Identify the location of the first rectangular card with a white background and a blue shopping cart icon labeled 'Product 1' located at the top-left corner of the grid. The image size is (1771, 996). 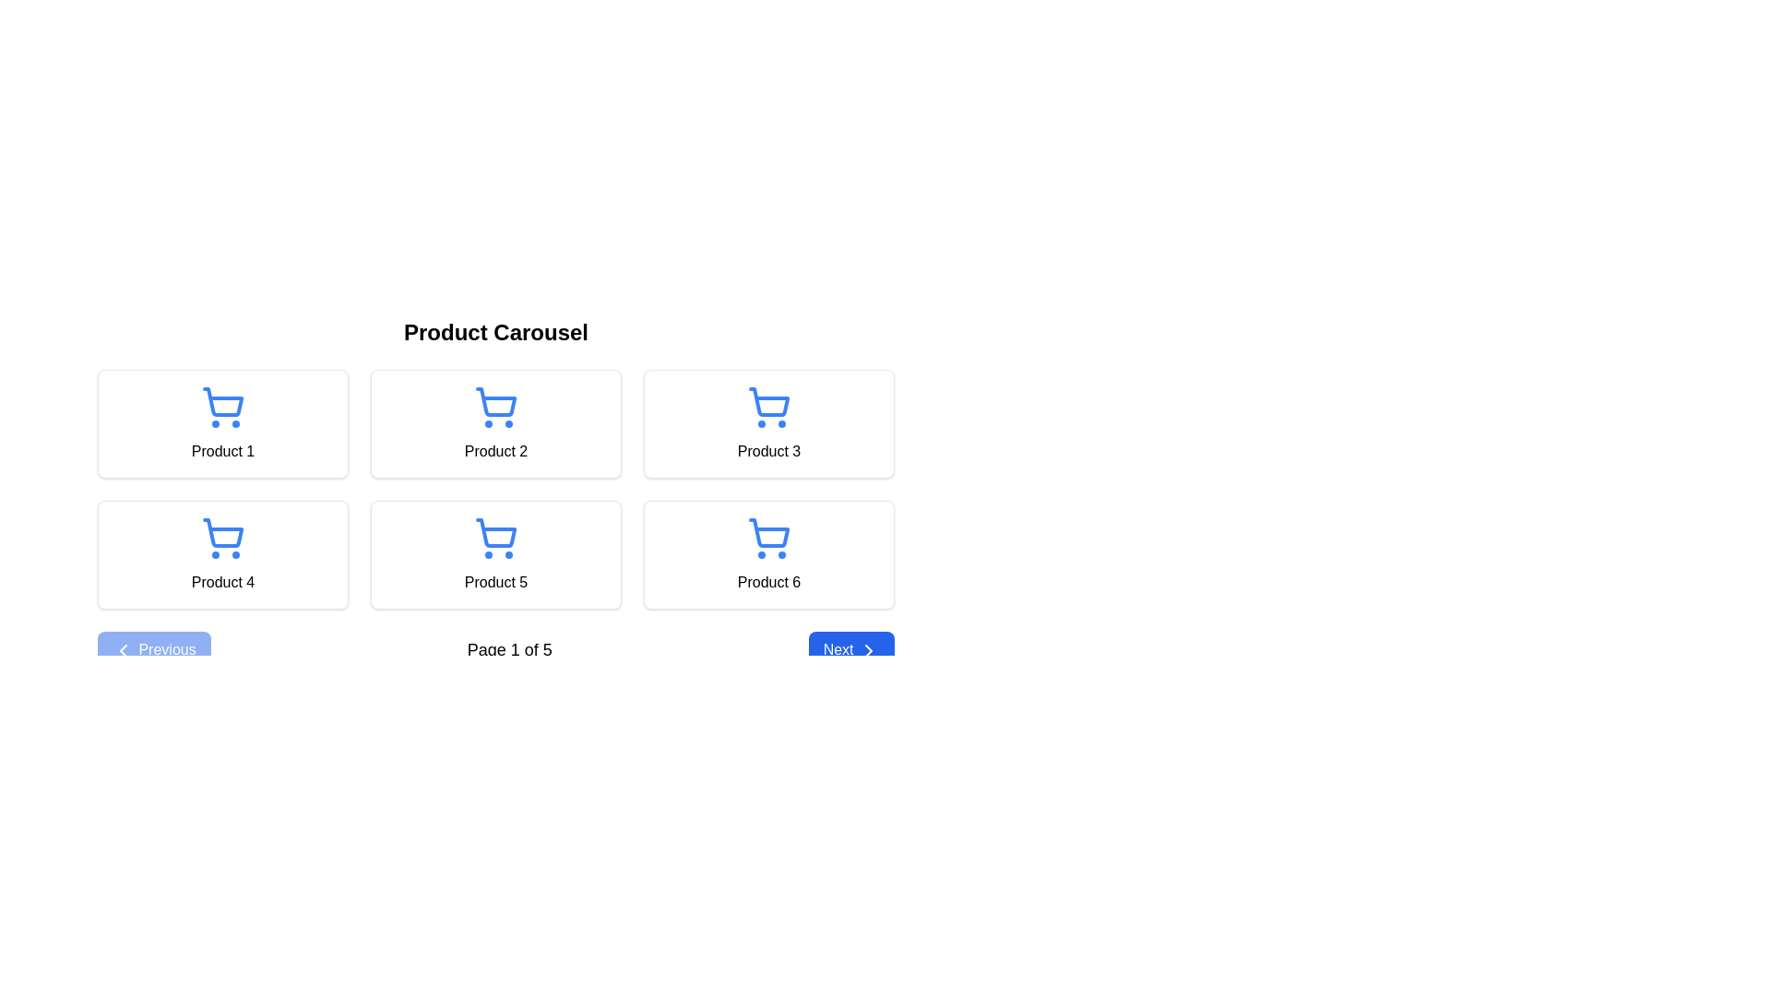
(221, 423).